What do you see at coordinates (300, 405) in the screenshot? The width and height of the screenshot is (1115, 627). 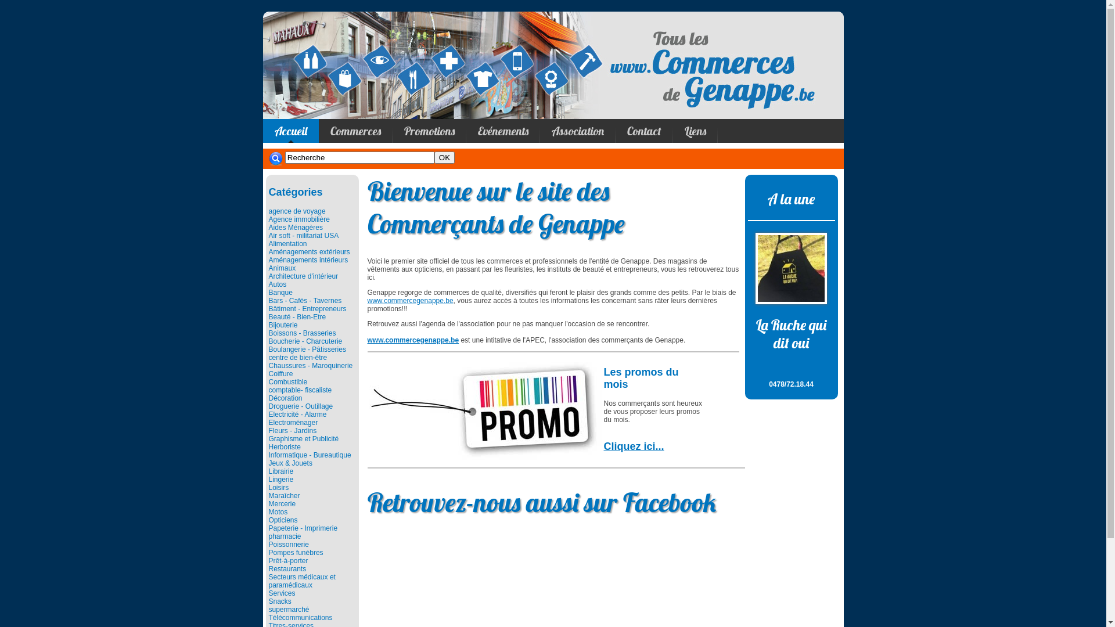 I see `'Droguerie - Outillage'` at bounding box center [300, 405].